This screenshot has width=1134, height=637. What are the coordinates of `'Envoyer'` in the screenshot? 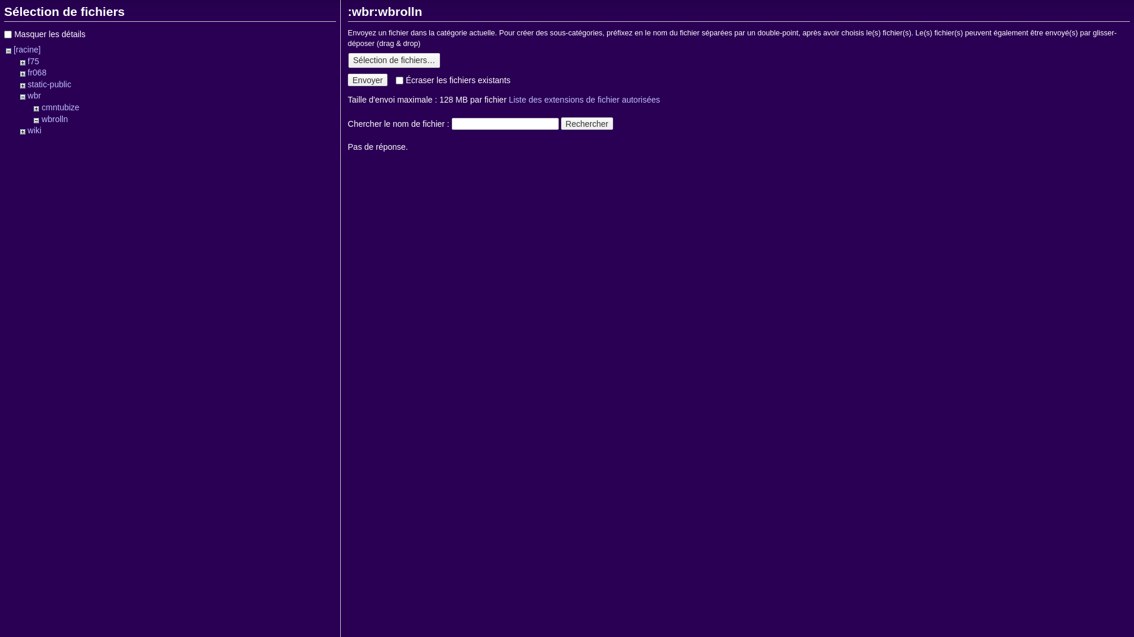 It's located at (367, 80).